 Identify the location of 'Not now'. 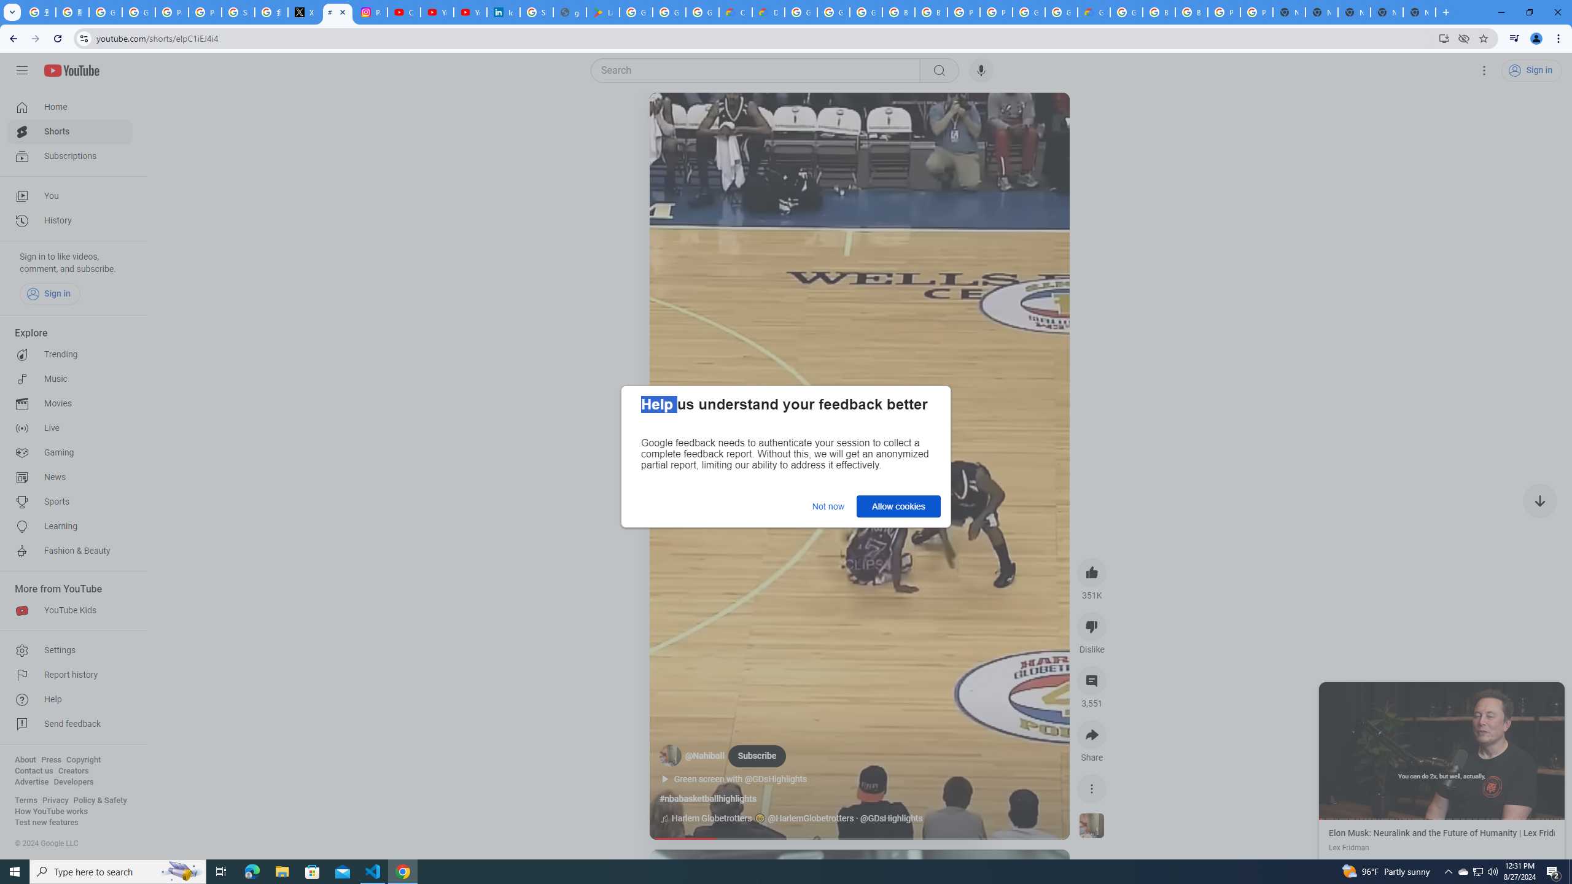
(828, 505).